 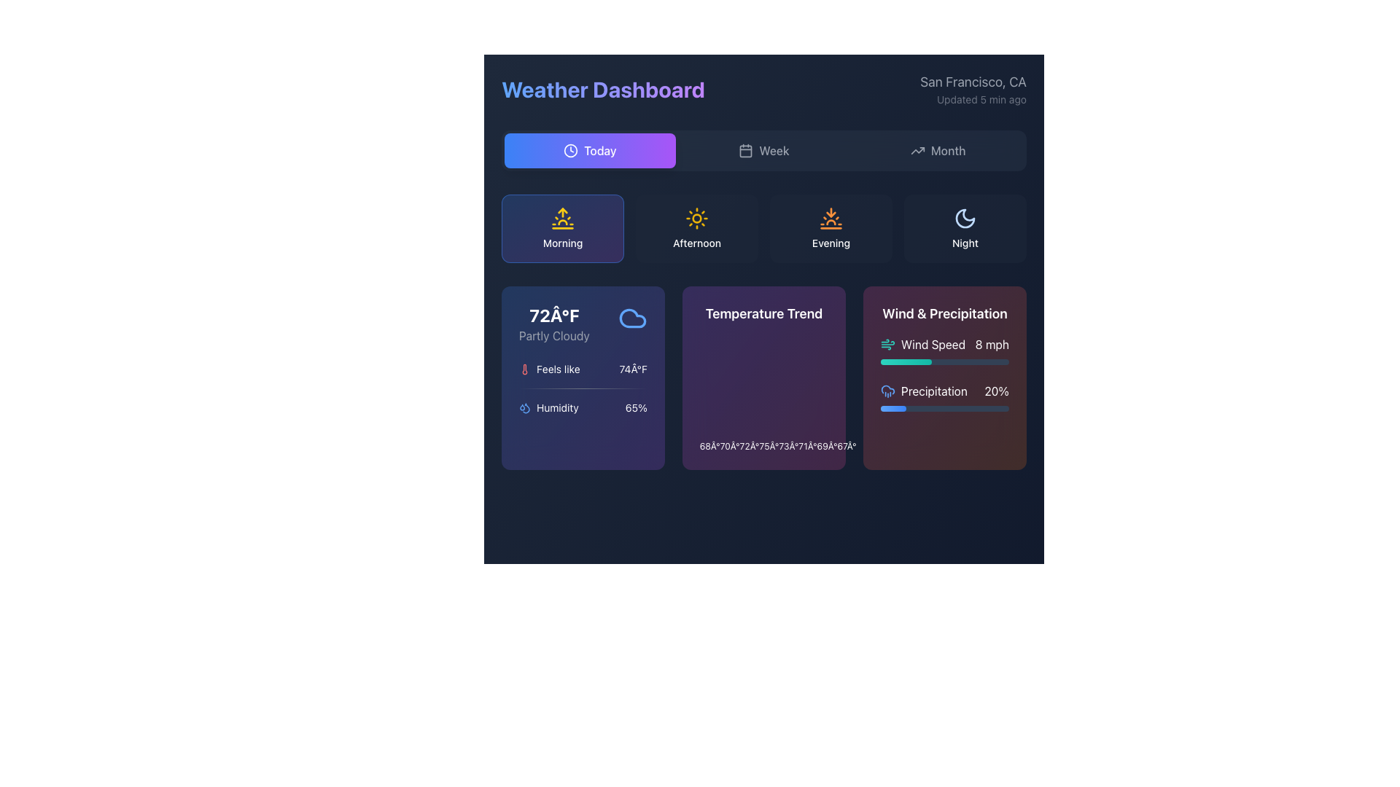 I want to click on the text label that says 'Feels like', which is rendered in white on a dark blue background, located between a thermometer icon and a numerical temperature value in the lower-left card of the main interface, so click(x=557, y=368).